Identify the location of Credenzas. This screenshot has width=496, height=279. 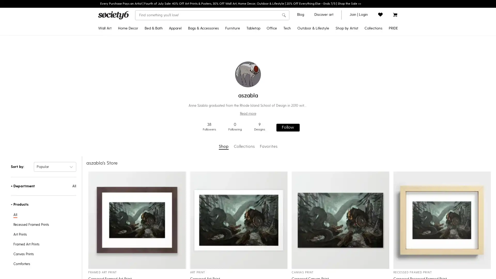
(241, 41).